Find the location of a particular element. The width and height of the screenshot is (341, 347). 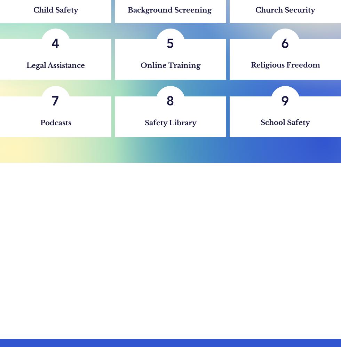

'5' is located at coordinates (170, 43).